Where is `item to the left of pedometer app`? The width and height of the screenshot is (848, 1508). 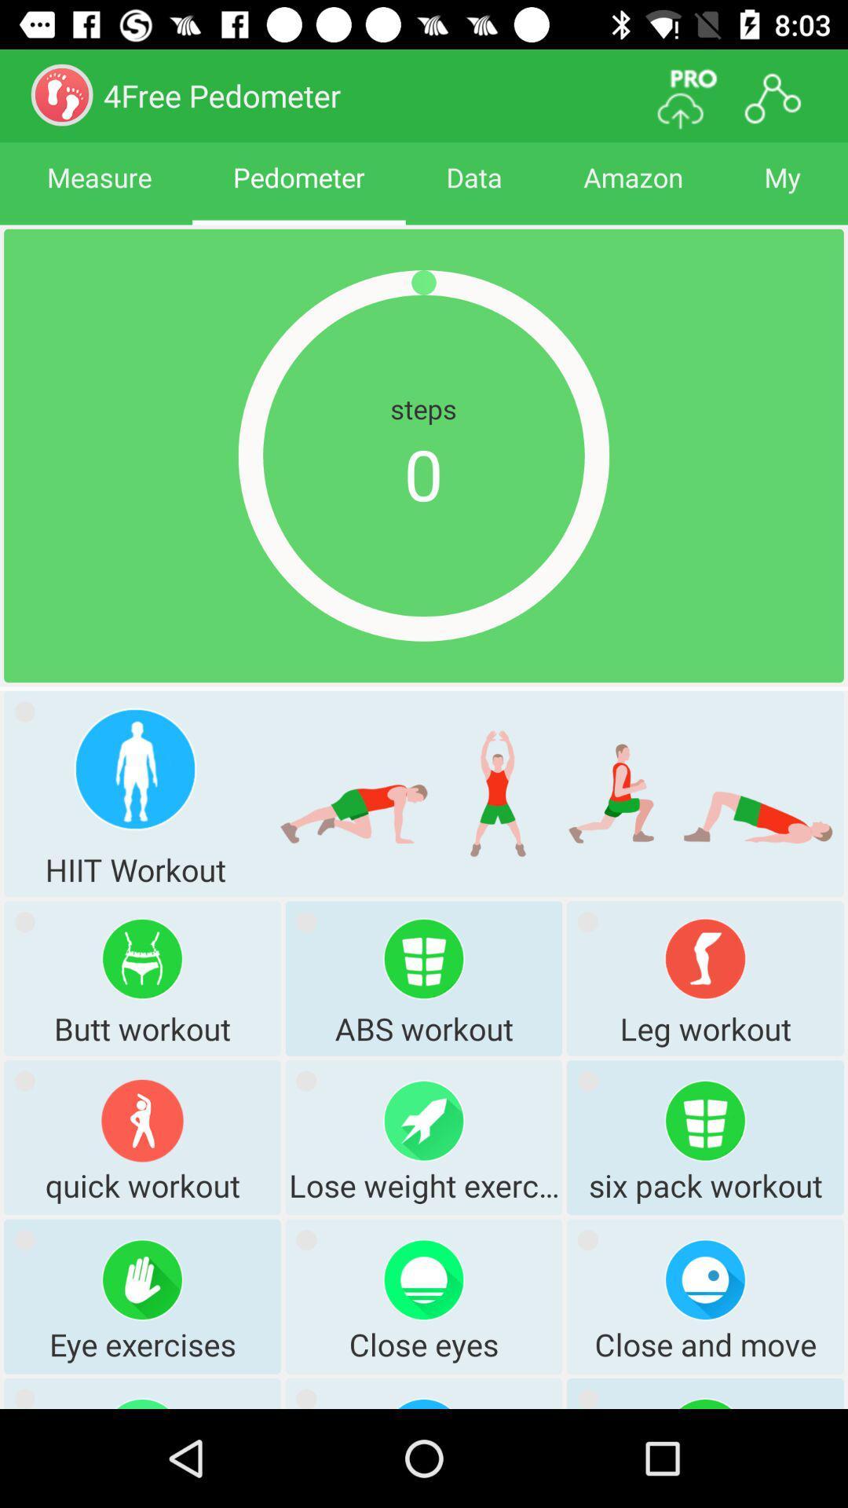
item to the left of pedometer app is located at coordinates (99, 191).